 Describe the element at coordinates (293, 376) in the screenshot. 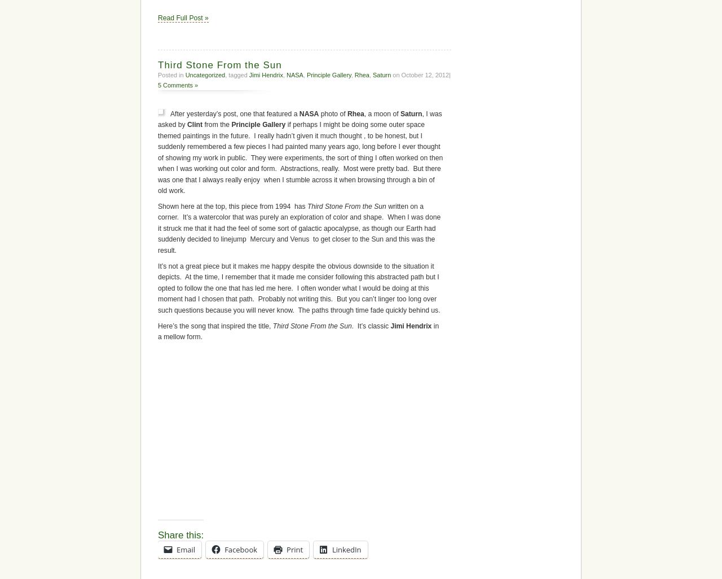

I see `', I was asked by'` at that location.